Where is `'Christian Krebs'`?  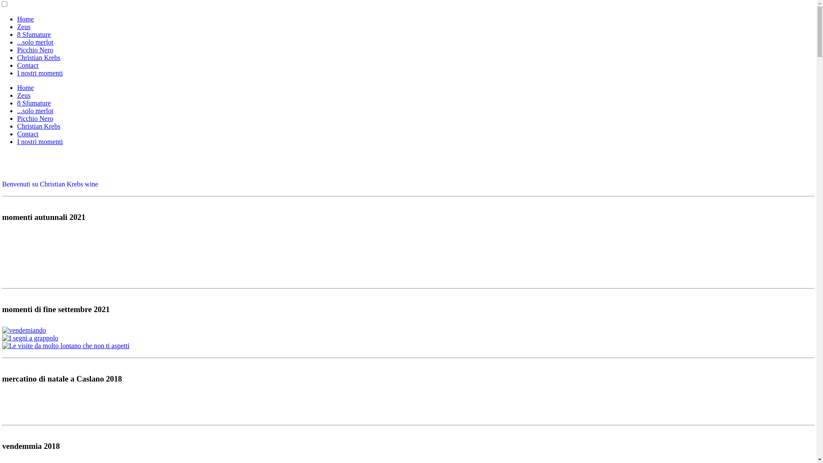
'Christian Krebs' is located at coordinates (38, 57).